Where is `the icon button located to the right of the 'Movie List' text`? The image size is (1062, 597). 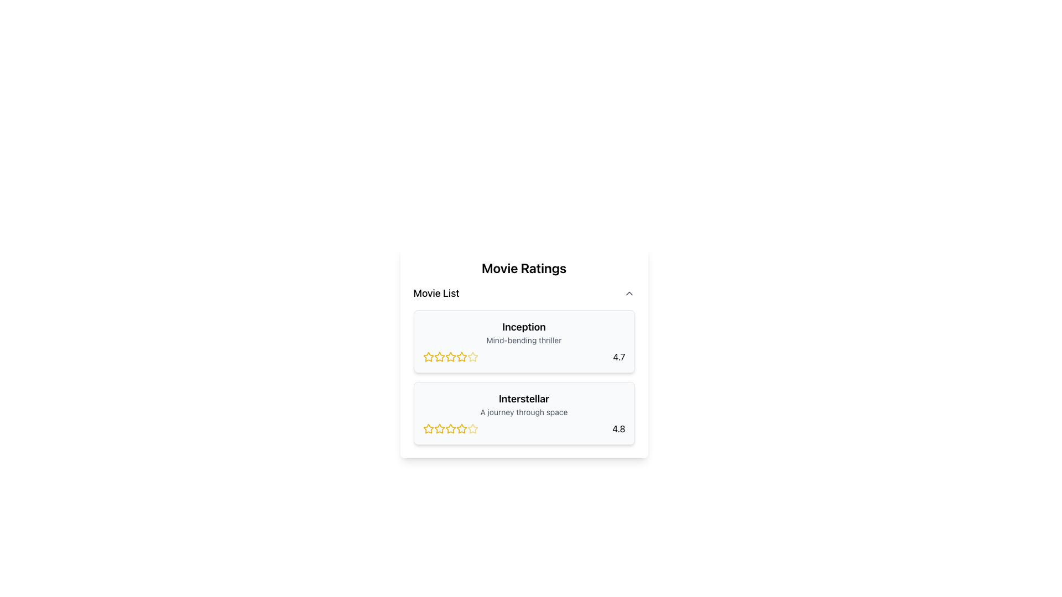
the icon button located to the right of the 'Movie List' text is located at coordinates (629, 293).